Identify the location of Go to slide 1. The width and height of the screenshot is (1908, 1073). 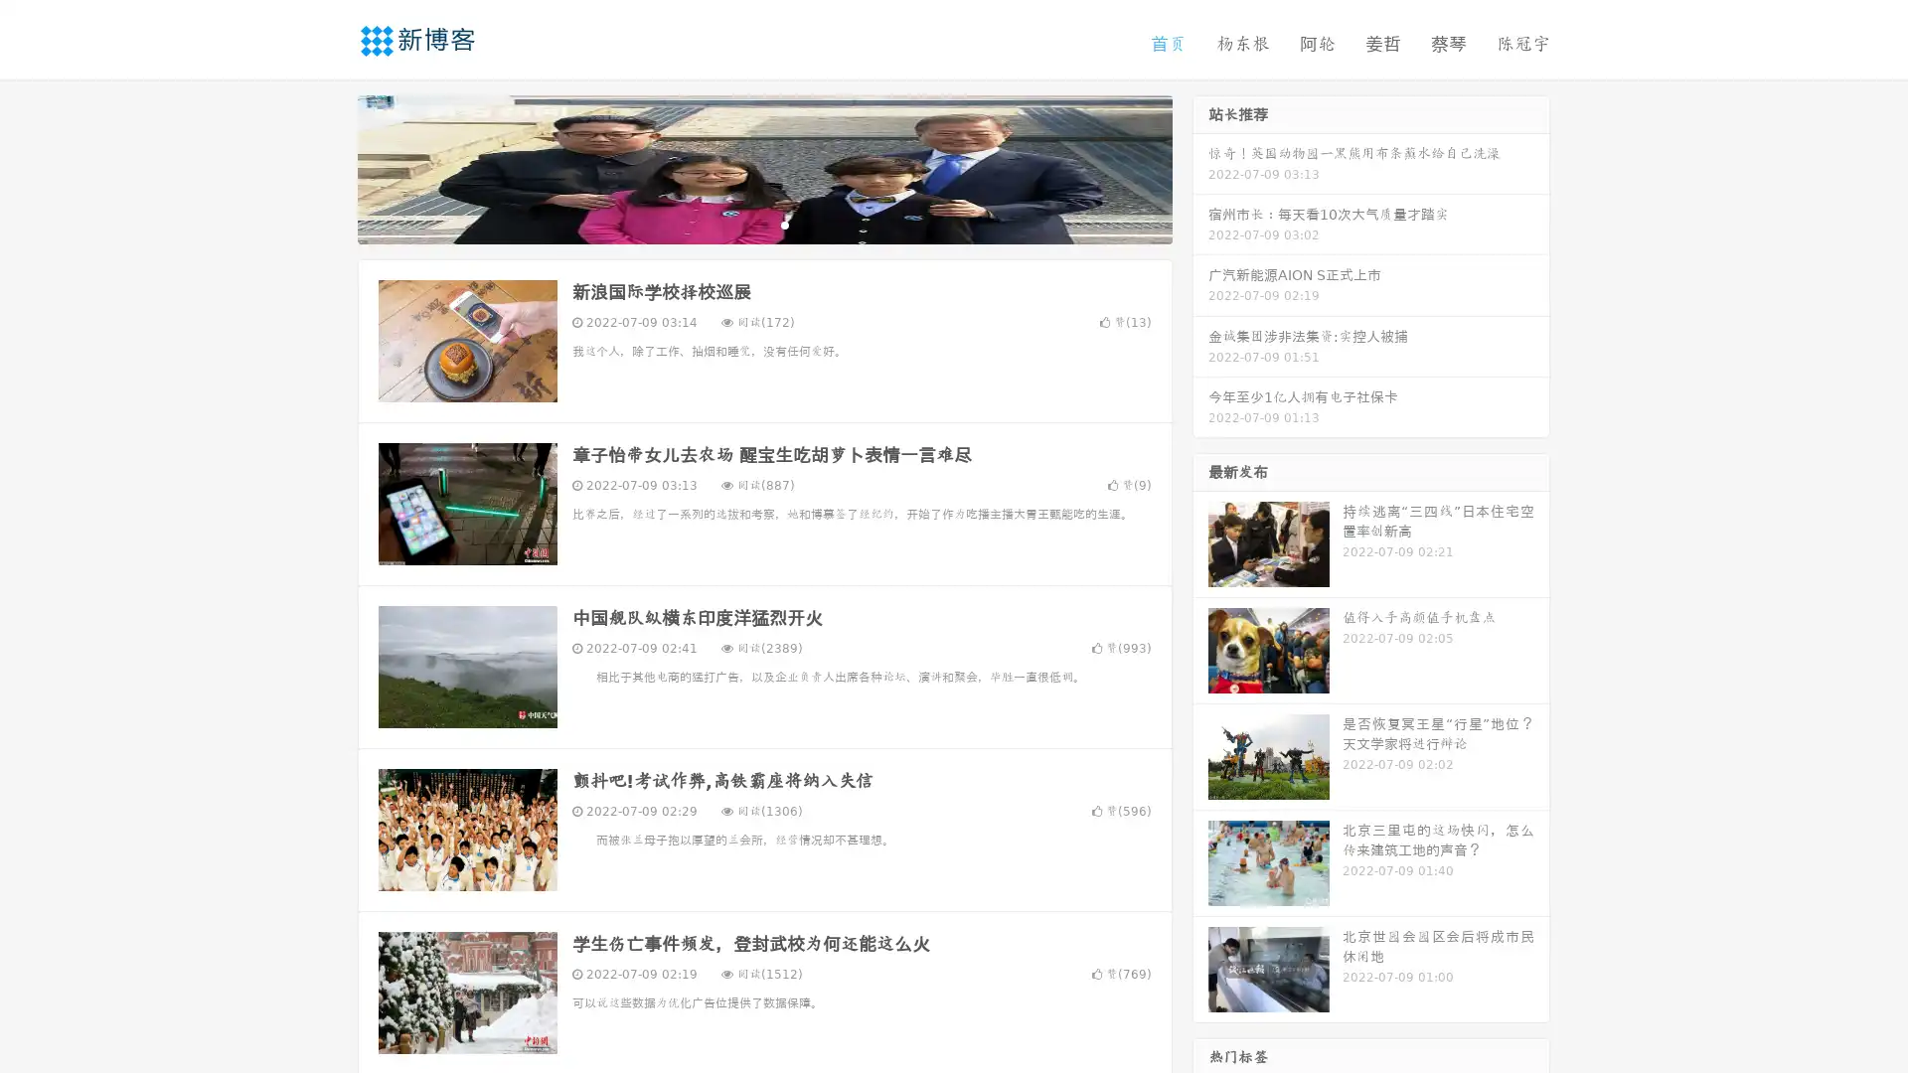
(743, 224).